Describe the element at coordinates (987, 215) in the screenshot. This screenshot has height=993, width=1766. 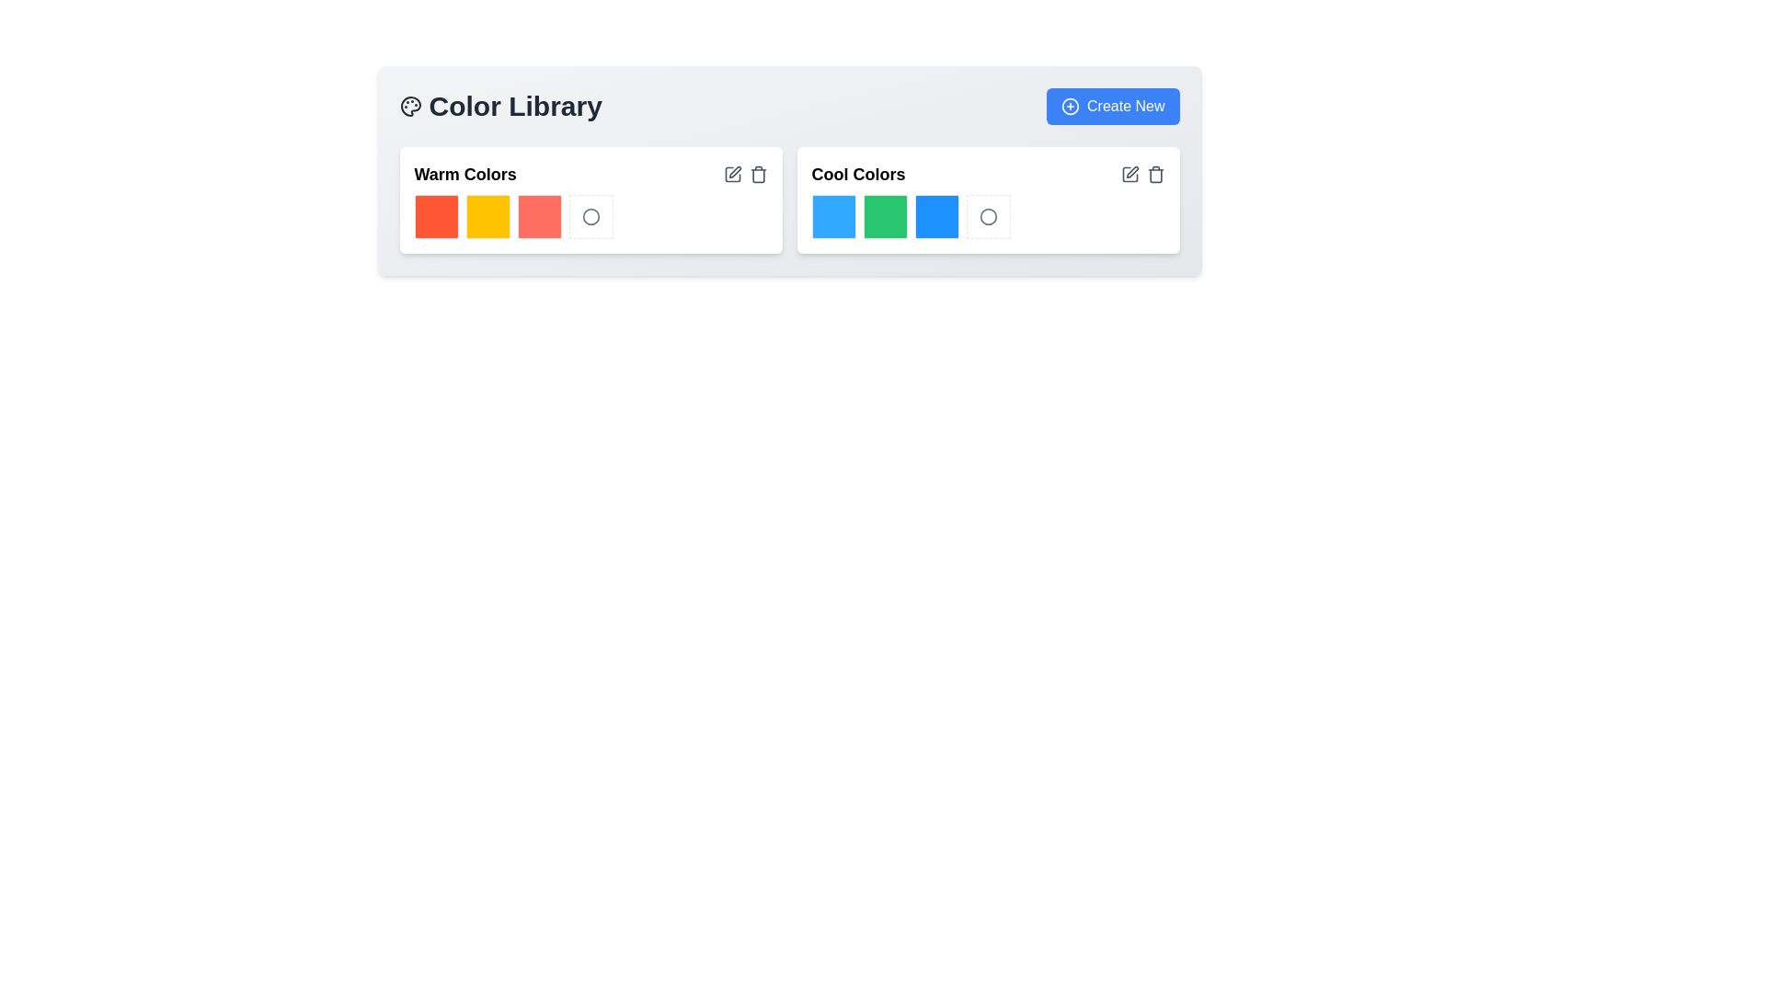
I see `the color selection icon located at the end of the 'Cool Colors' section to interact with it` at that location.